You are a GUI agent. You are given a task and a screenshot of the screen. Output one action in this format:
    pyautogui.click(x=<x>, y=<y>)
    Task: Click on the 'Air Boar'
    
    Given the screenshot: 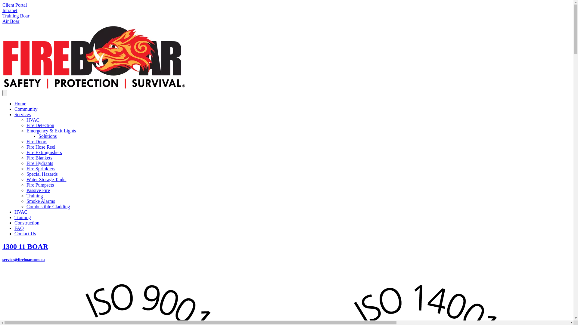 What is the action you would take?
    pyautogui.click(x=2, y=21)
    